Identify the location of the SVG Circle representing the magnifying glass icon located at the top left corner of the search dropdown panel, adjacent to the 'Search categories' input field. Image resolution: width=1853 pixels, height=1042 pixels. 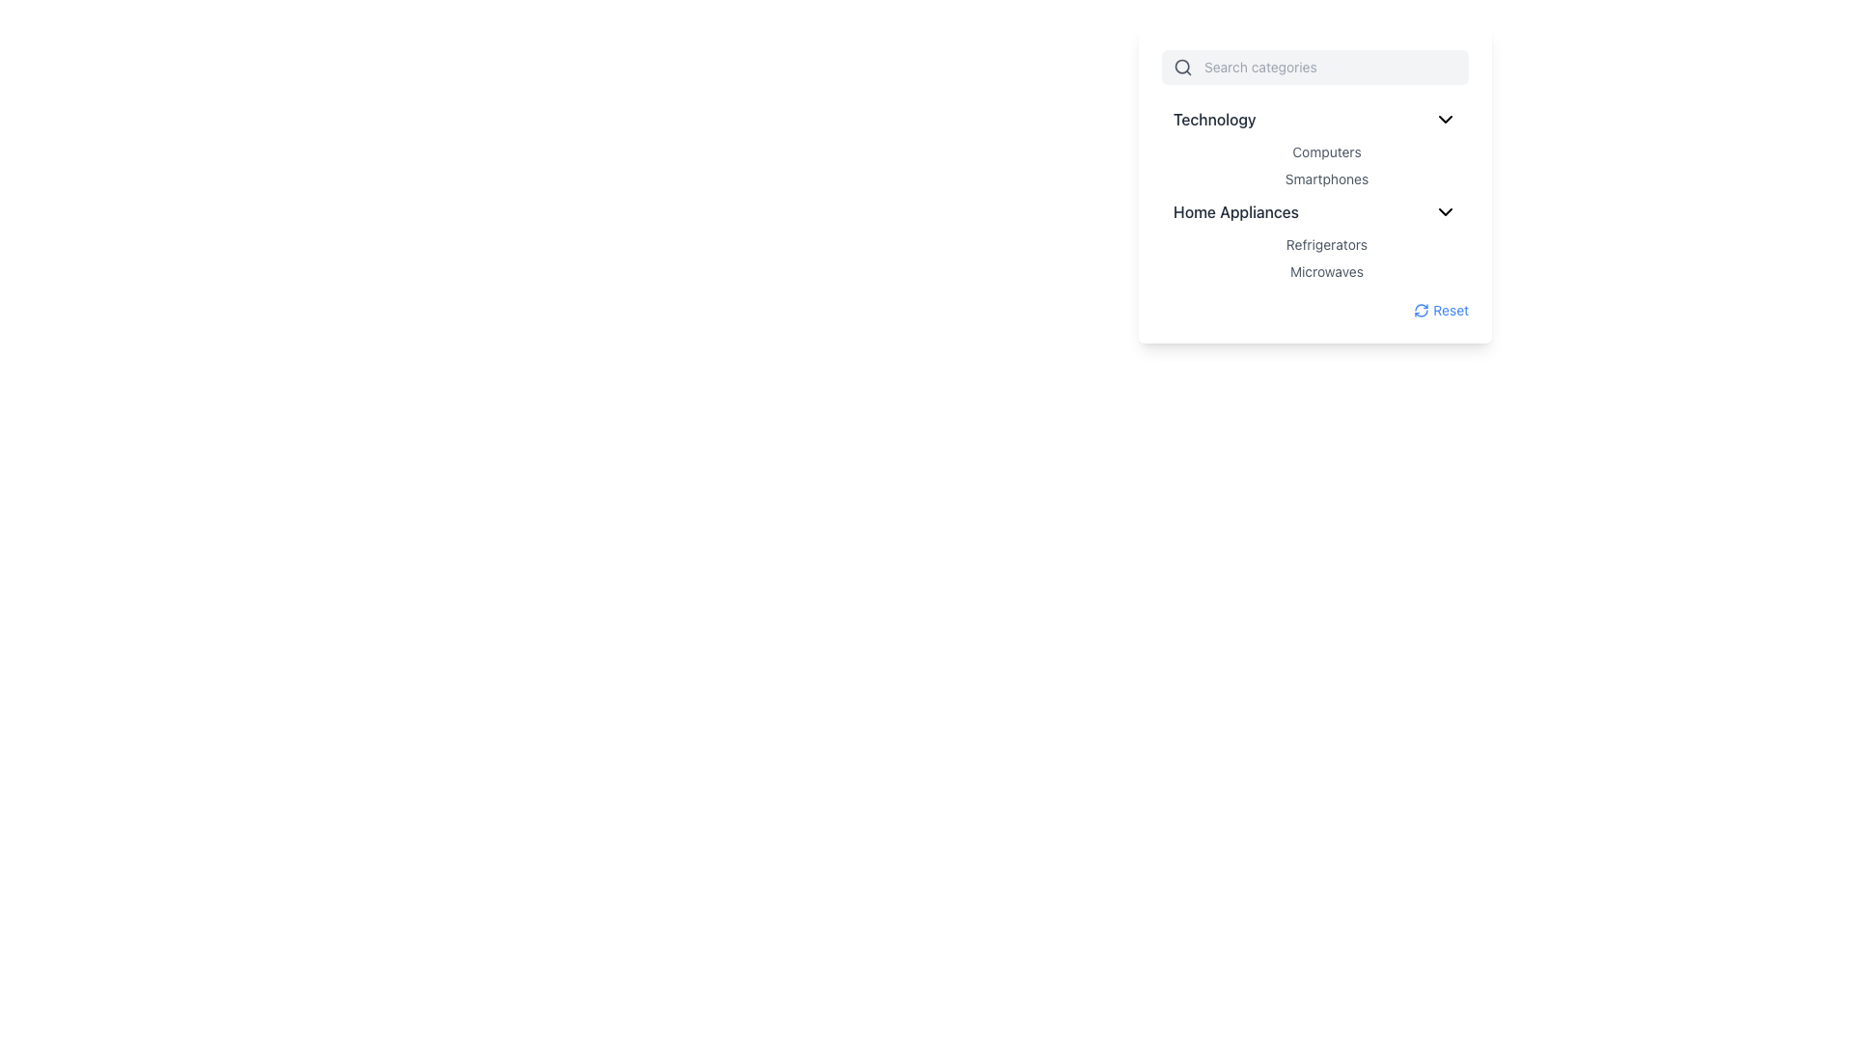
(1181, 66).